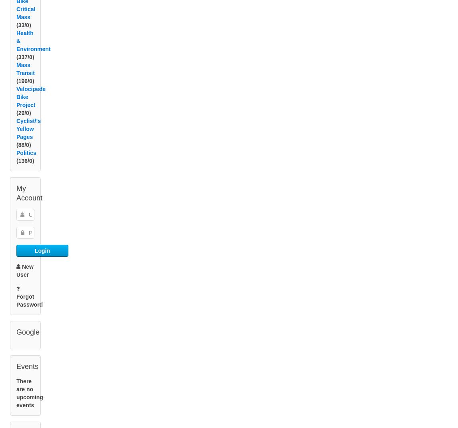 This screenshot has width=458, height=428. What do you see at coordinates (42, 260) in the screenshot?
I see `'Login'` at bounding box center [42, 260].